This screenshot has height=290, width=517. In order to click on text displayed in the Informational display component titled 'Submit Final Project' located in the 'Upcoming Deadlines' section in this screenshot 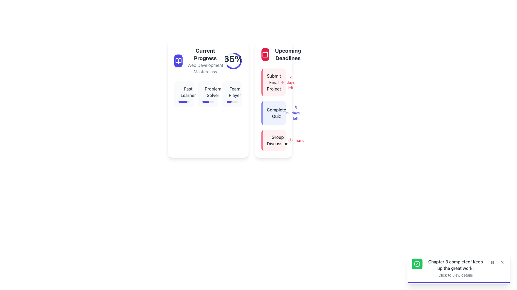, I will do `click(274, 82)`.